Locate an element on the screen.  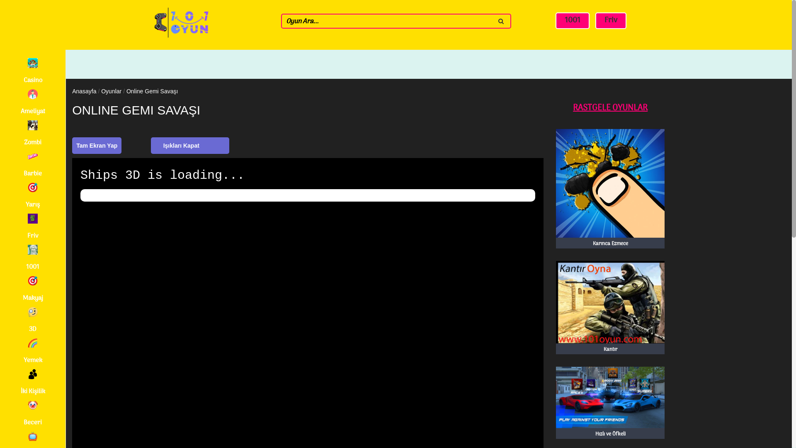
'Friv' is located at coordinates (0, 227).